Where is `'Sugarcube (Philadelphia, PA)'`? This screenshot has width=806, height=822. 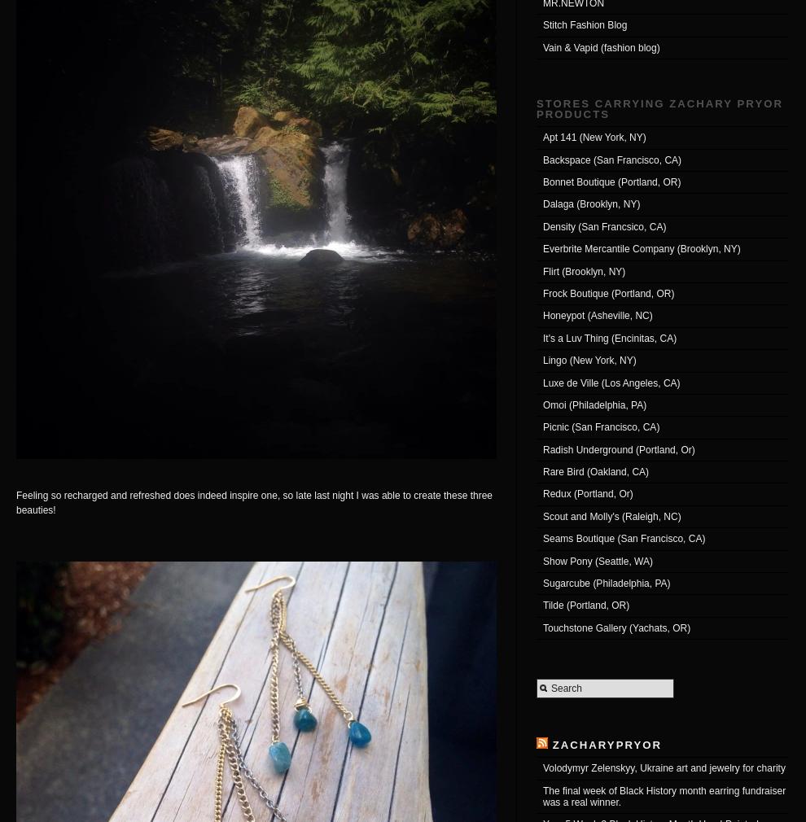
'Sugarcube (Philadelphia, PA)' is located at coordinates (542, 582).